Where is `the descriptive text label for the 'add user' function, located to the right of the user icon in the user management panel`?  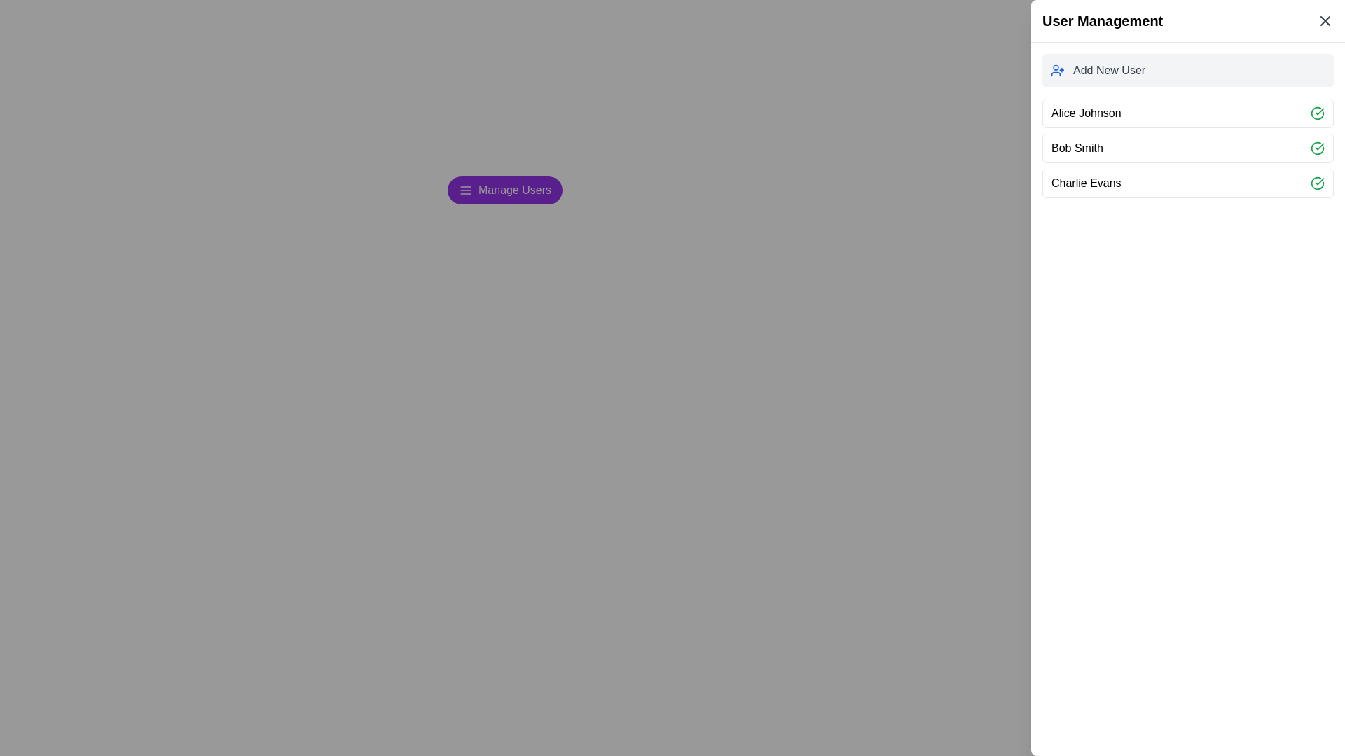
the descriptive text label for the 'add user' function, located to the right of the user icon in the user management panel is located at coordinates (1108, 70).